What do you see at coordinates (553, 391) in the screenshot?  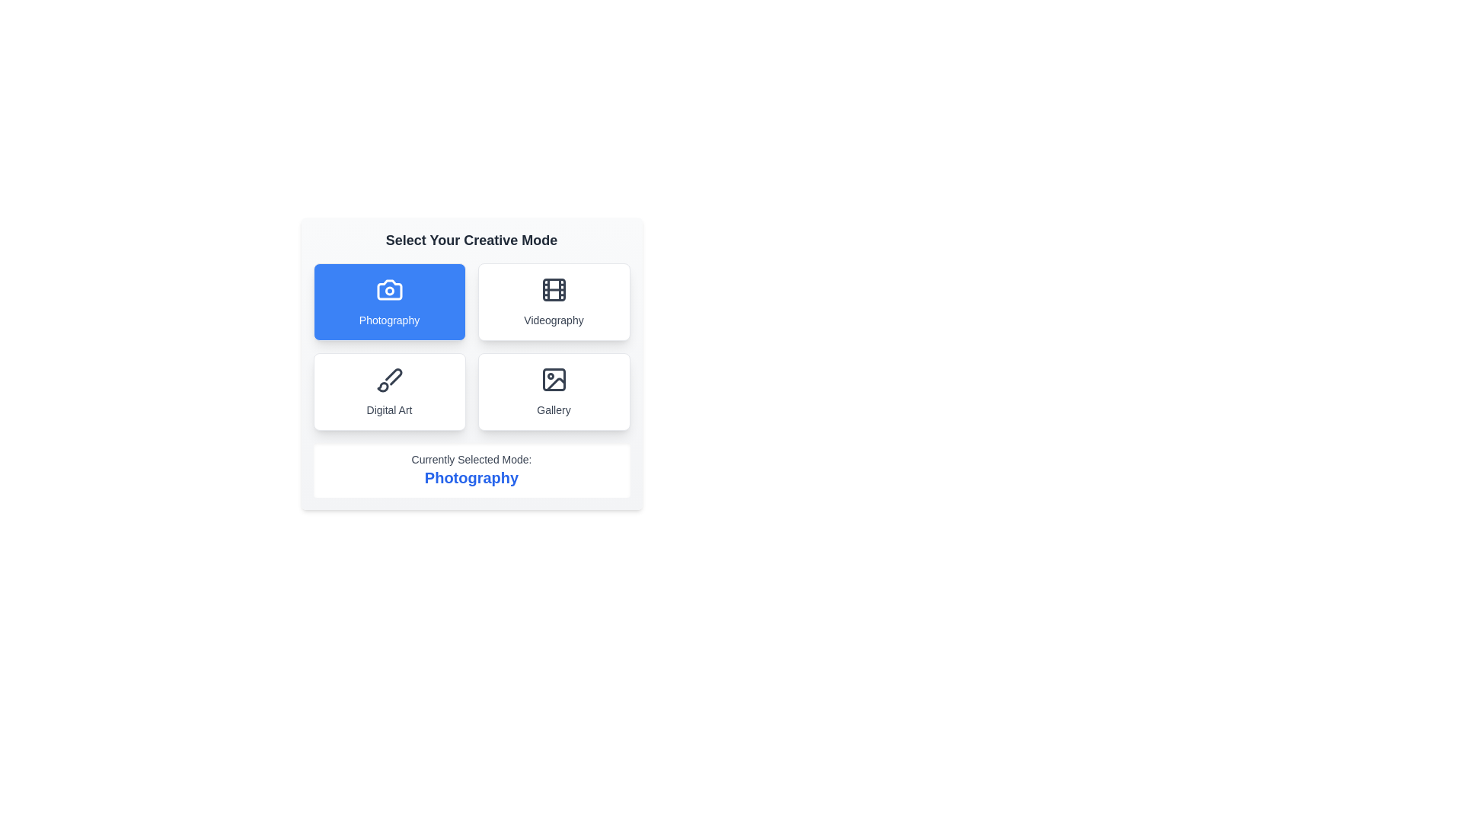 I see `the mode Gallery by clicking its respective button` at bounding box center [553, 391].